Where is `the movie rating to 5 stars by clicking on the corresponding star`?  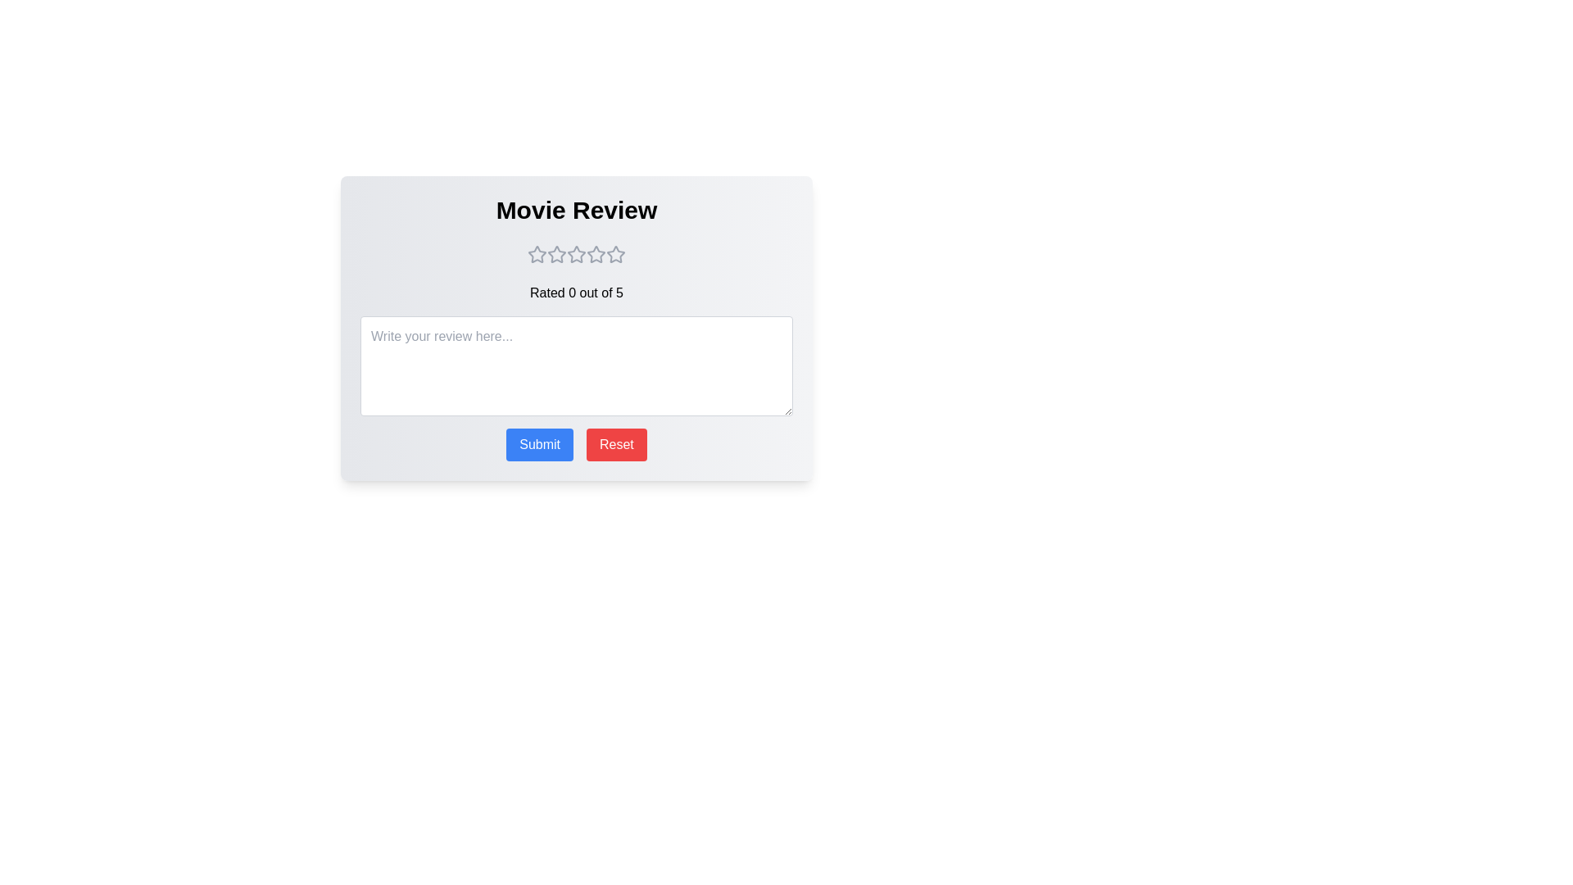 the movie rating to 5 stars by clicking on the corresponding star is located at coordinates (615, 255).